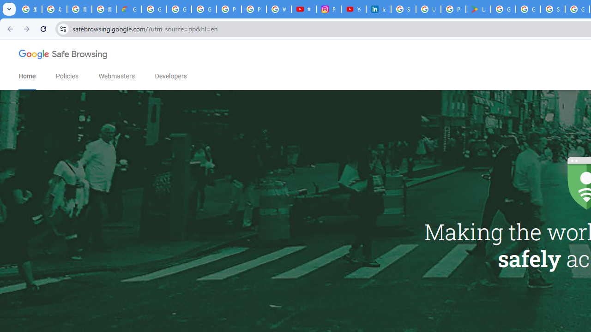  I want to click on 'Privacy Help Center - Policies Help', so click(254, 9).